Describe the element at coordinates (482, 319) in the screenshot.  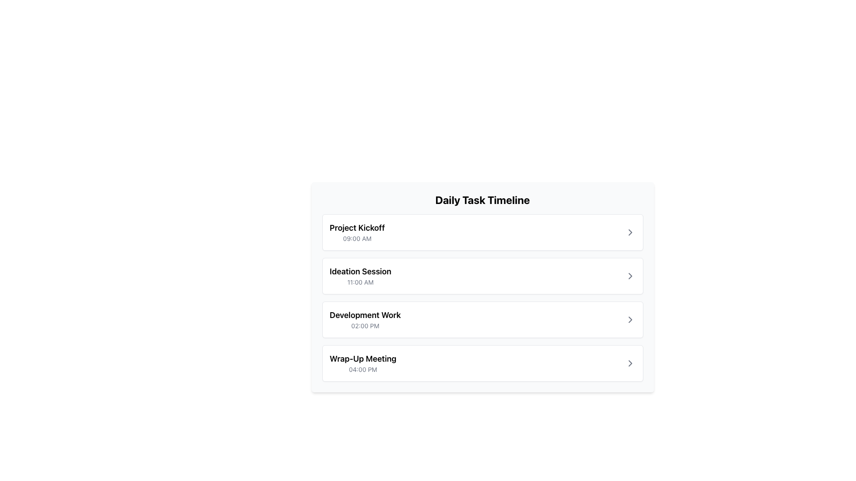
I see `the third task entry in the Daily Task Timeline` at that location.